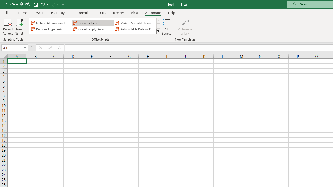 The image size is (333, 187). Describe the element at coordinates (51, 29) in the screenshot. I see `'Remove Hyperlinks from Sheet'` at that location.